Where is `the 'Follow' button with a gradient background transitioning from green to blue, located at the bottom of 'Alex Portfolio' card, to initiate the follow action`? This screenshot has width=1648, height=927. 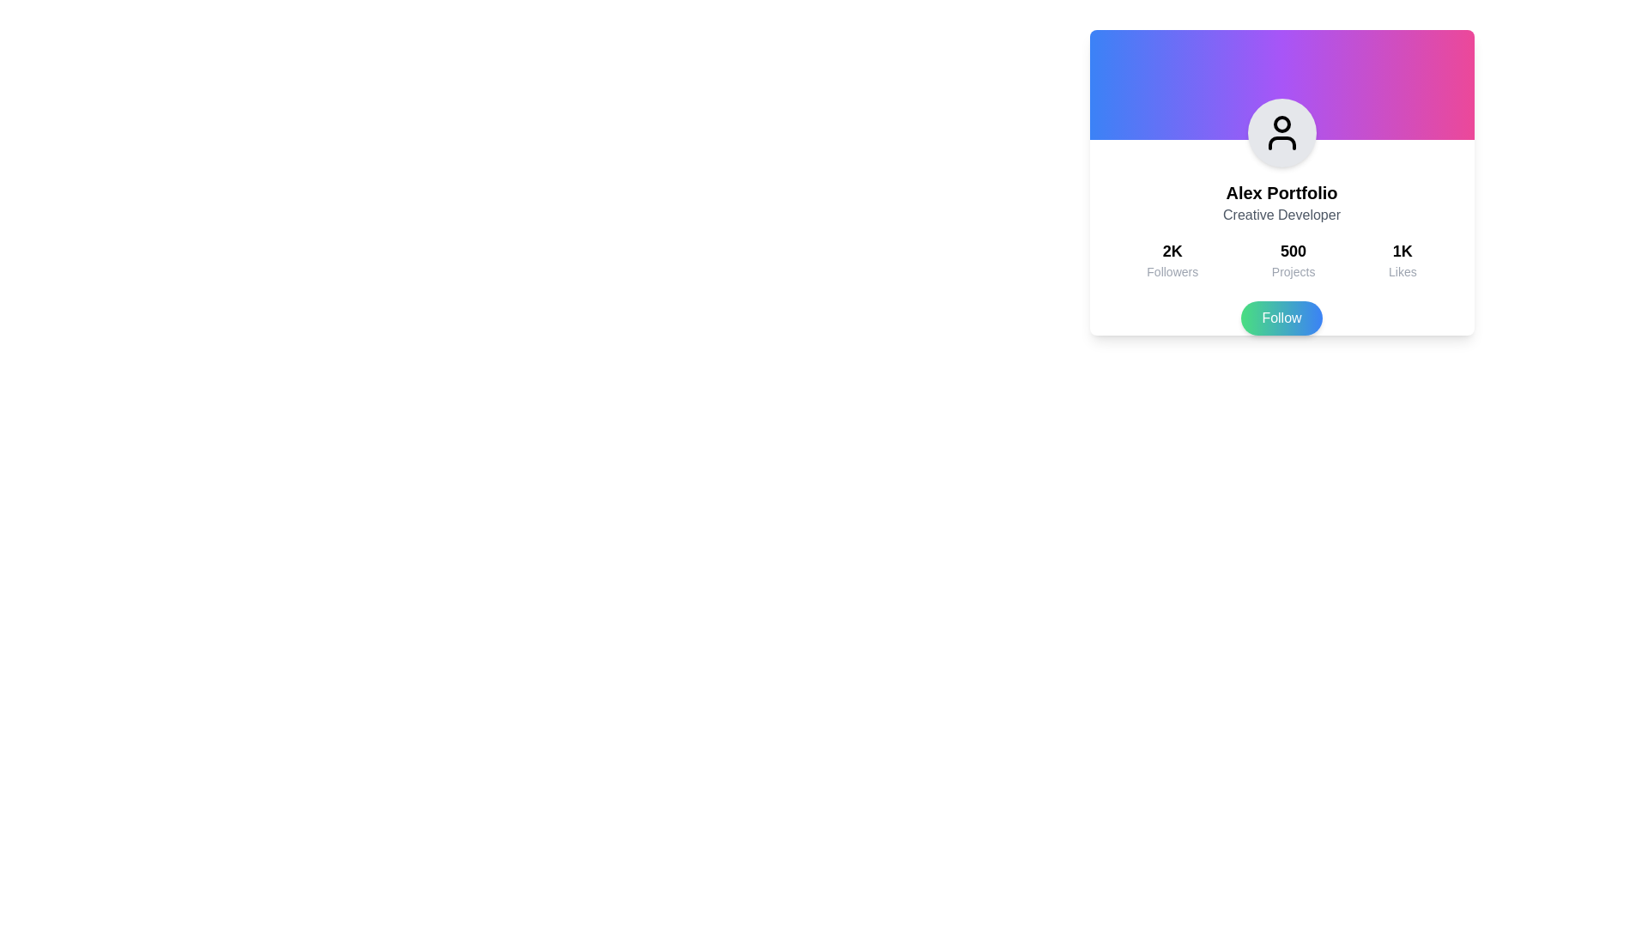 the 'Follow' button with a gradient background transitioning from green to blue, located at the bottom of 'Alex Portfolio' card, to initiate the follow action is located at coordinates (1281, 318).